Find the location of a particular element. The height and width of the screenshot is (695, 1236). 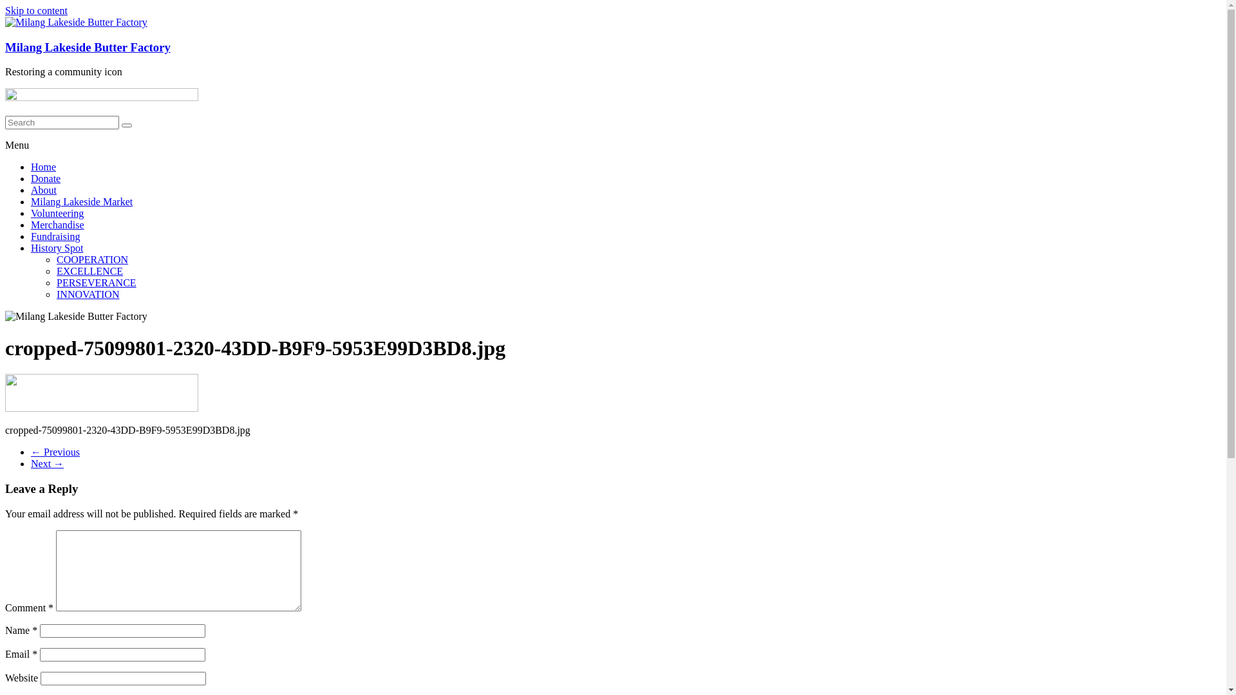

'Volunteering' is located at coordinates (57, 212).